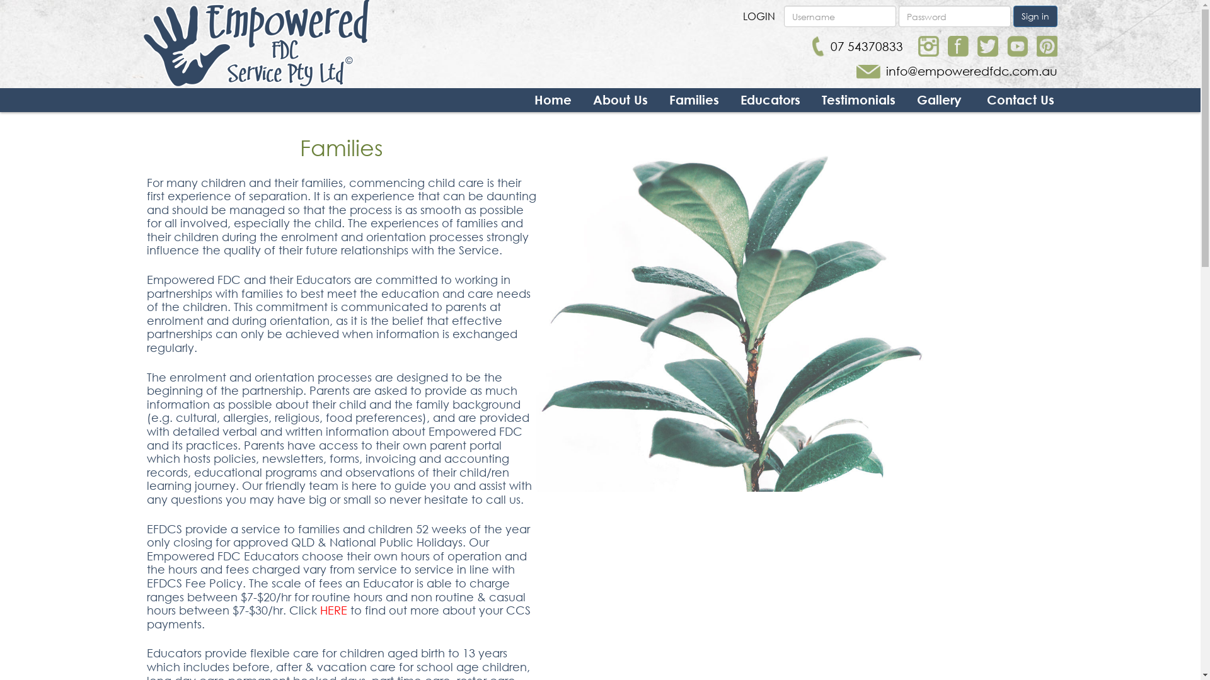 This screenshot has width=1210, height=680. I want to click on 'Sign in', so click(1035, 16).